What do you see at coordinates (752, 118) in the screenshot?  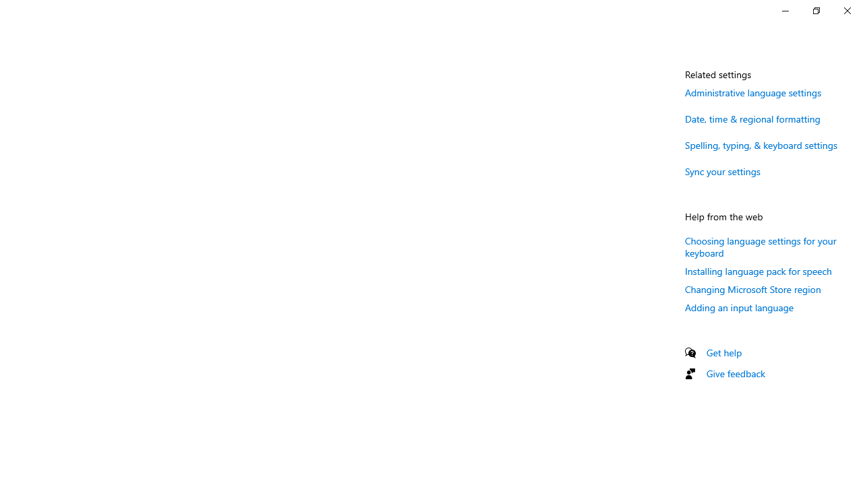 I see `'Date, time & regional formatting'` at bounding box center [752, 118].